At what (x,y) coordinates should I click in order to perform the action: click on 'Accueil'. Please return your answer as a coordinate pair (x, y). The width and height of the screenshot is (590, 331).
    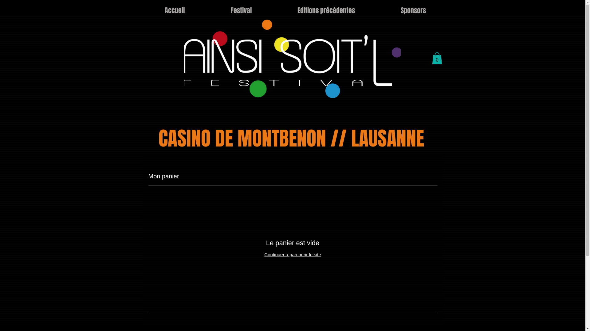
    Looking at the image, I should click on (174, 10).